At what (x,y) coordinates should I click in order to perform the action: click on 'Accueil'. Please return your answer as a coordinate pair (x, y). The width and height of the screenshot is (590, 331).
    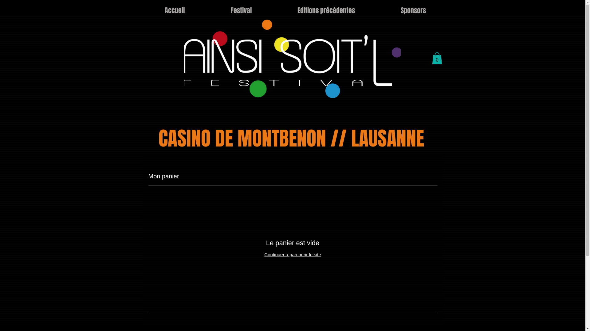
    Looking at the image, I should click on (174, 10).